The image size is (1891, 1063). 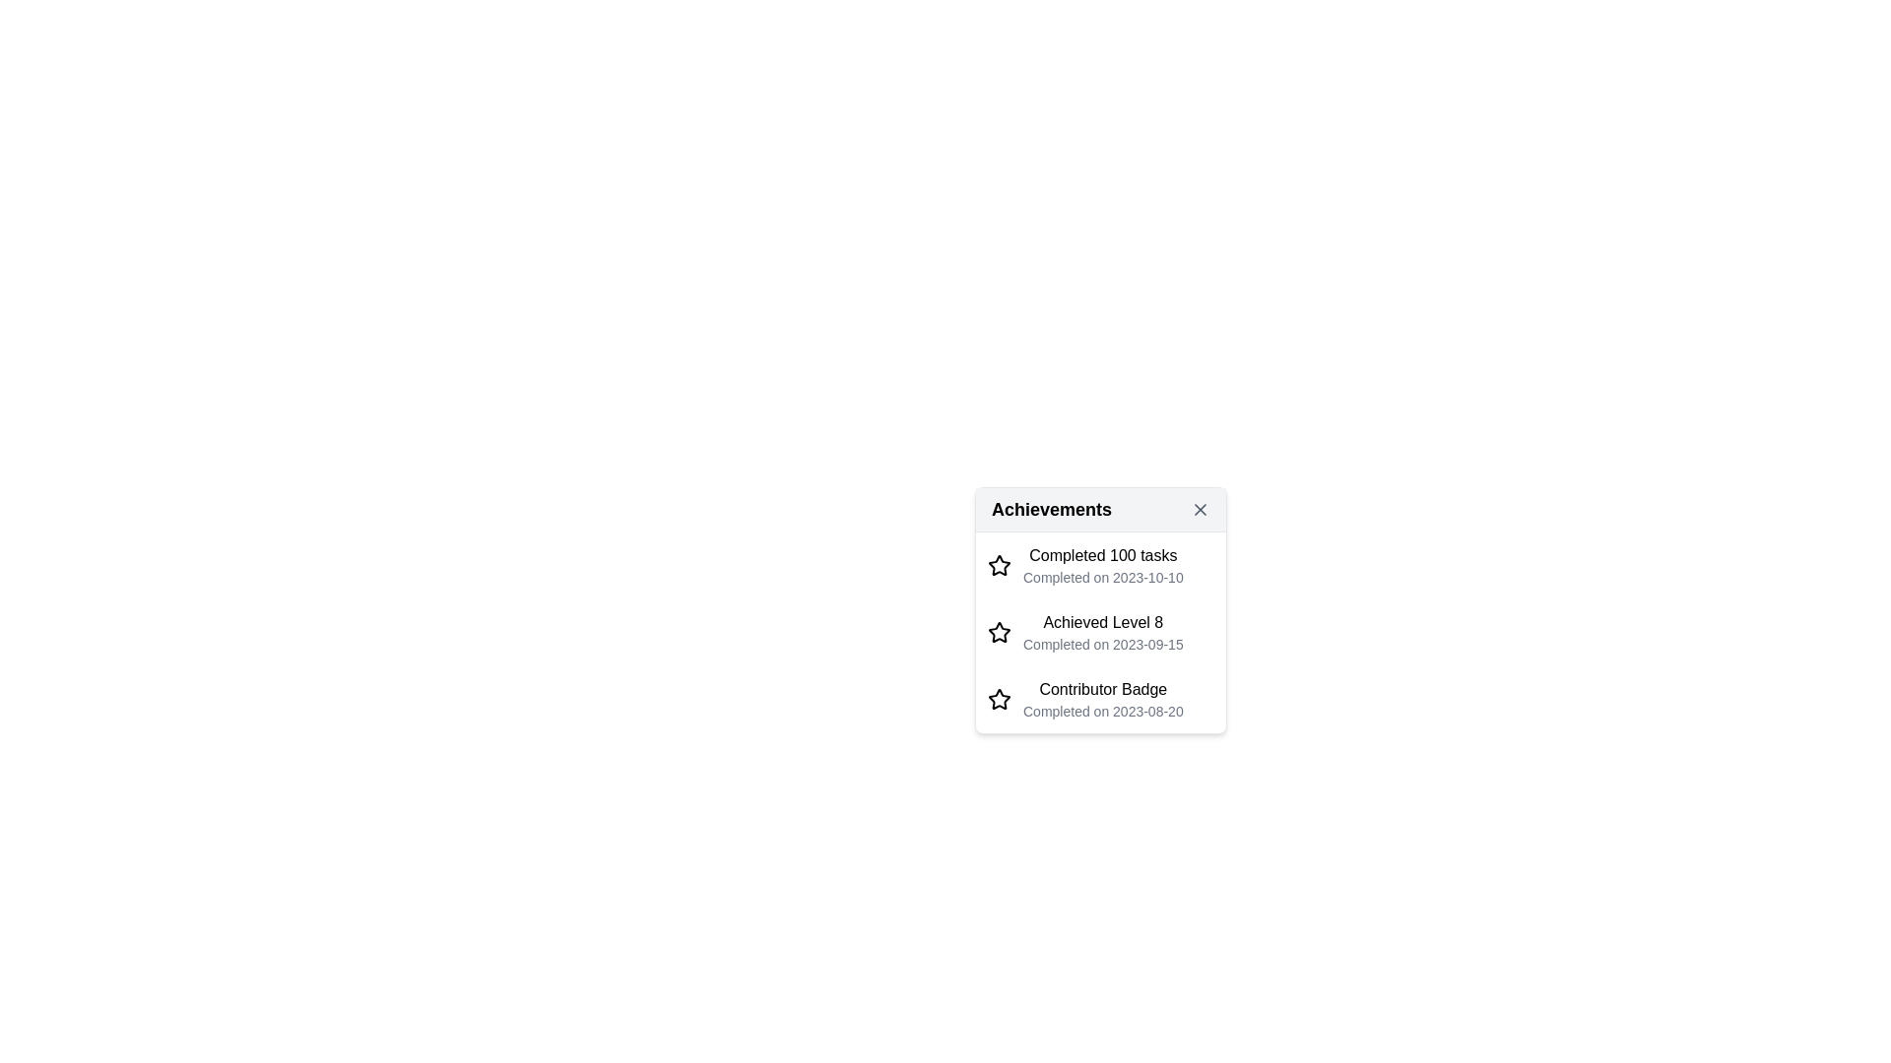 What do you see at coordinates (1103, 565) in the screenshot?
I see `text displayed in the first achievement item, which shows the user has completed 100 tasks along with the date of completion` at bounding box center [1103, 565].